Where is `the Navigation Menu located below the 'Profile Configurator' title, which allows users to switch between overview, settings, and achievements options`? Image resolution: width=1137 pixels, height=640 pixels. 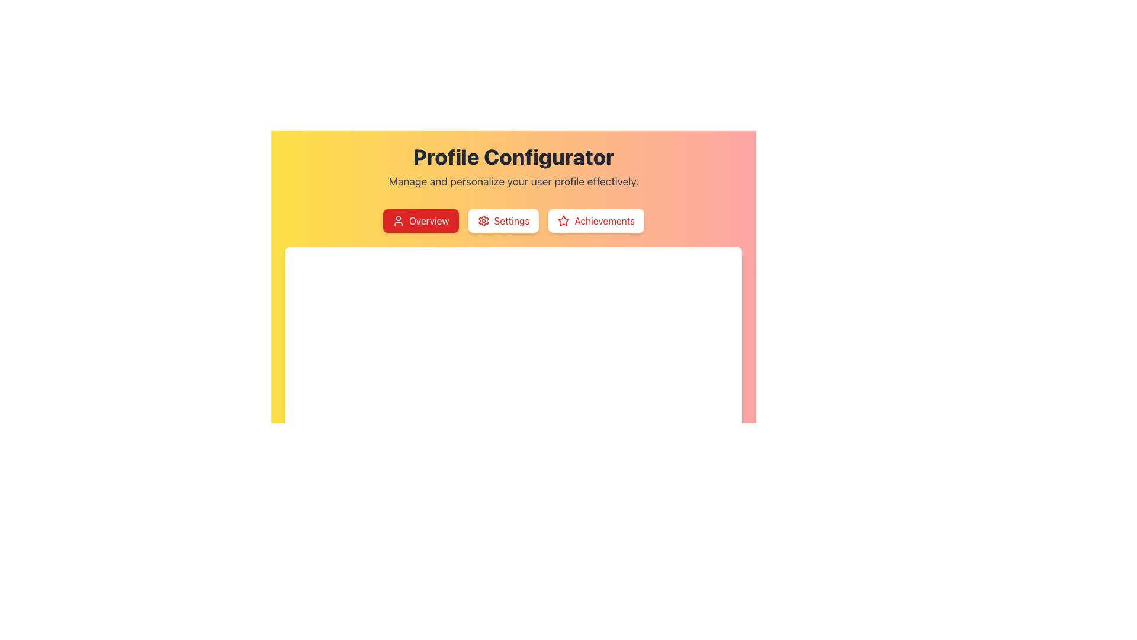 the Navigation Menu located below the 'Profile Configurator' title, which allows users to switch between overview, settings, and achievements options is located at coordinates (513, 221).